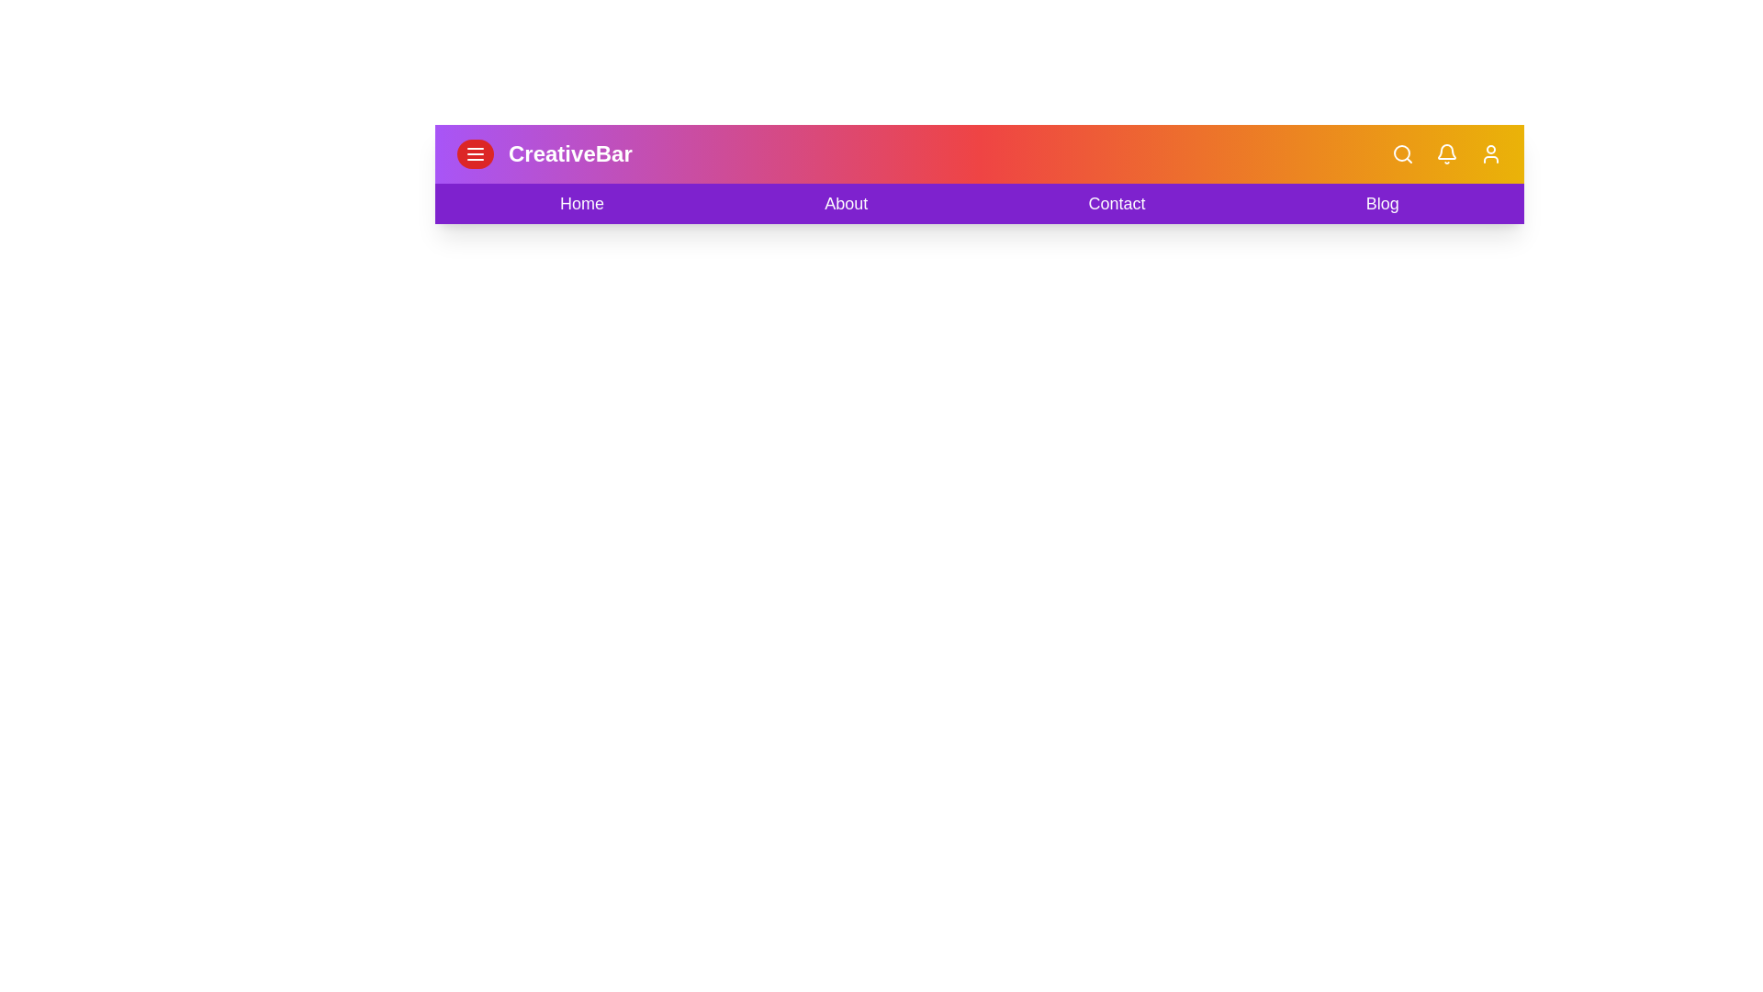  I want to click on the menu item Blog to observe its hover effect, so click(1383, 204).